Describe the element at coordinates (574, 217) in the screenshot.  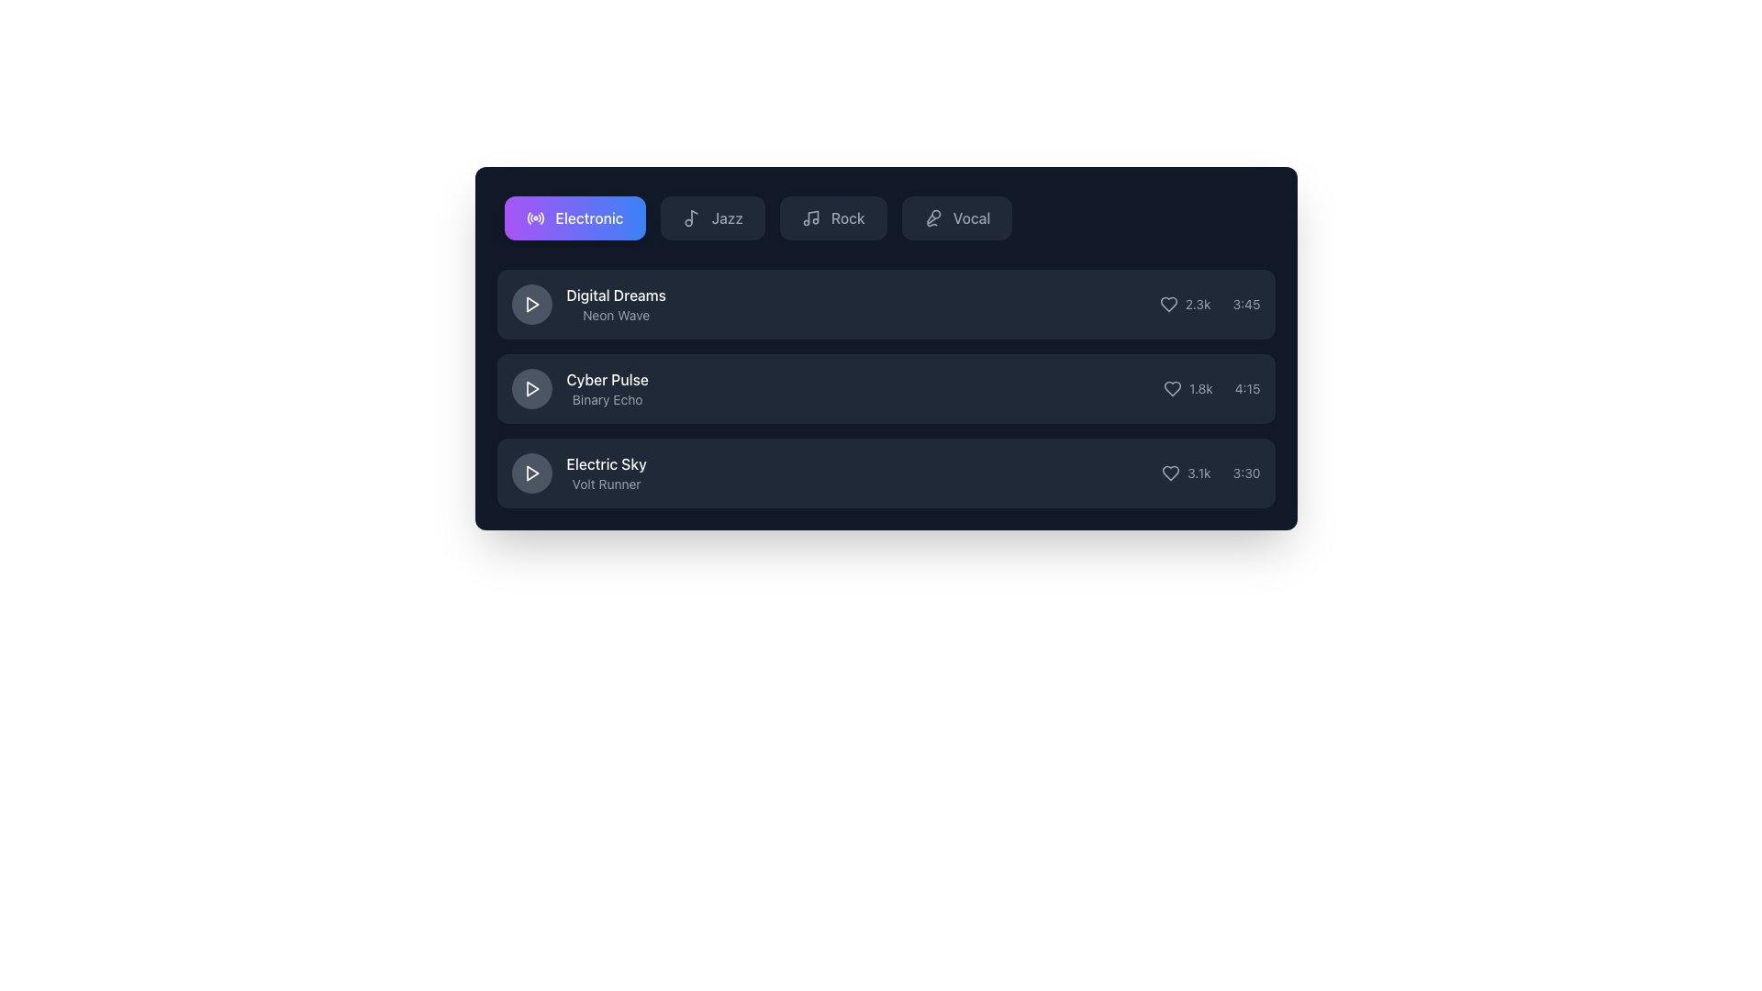
I see `the first category button labeled 'Electronic' with a pill shape and gradient background` at that location.